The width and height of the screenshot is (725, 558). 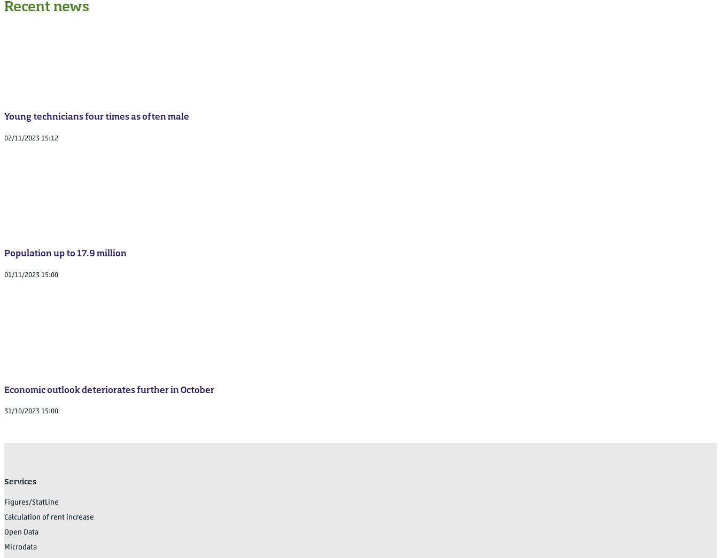 What do you see at coordinates (31, 137) in the screenshot?
I see `'02/11/2023 15:12'` at bounding box center [31, 137].